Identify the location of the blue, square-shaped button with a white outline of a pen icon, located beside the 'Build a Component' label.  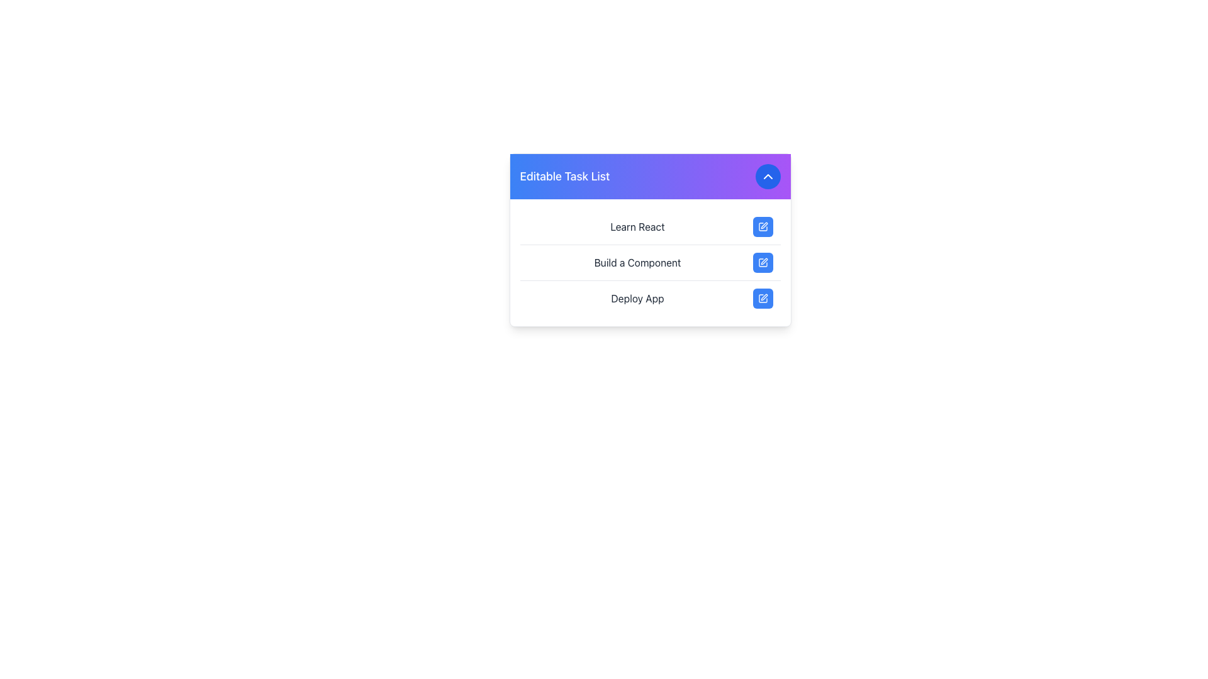
(762, 262).